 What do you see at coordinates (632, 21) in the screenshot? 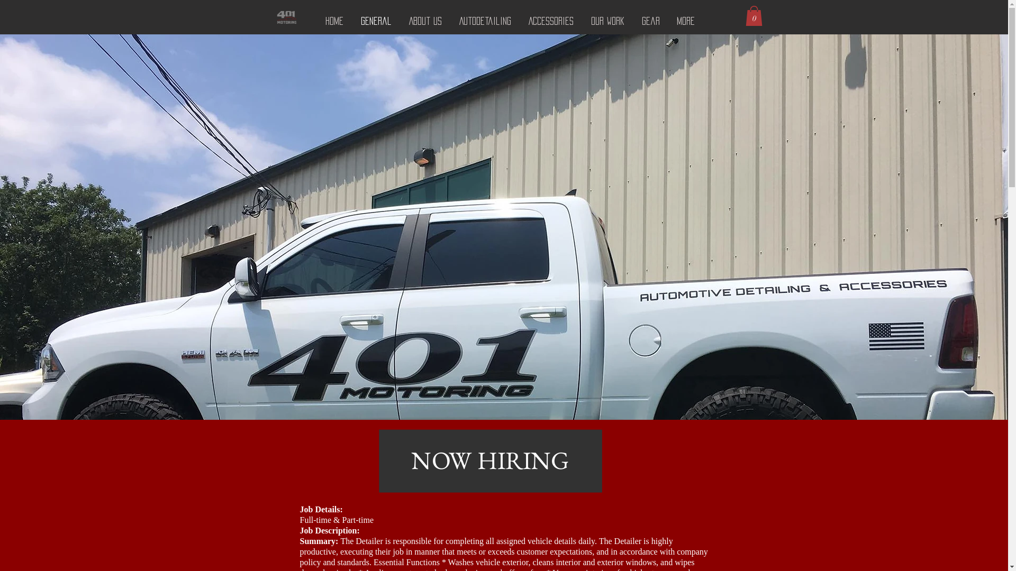
I see `'Gear'` at bounding box center [632, 21].